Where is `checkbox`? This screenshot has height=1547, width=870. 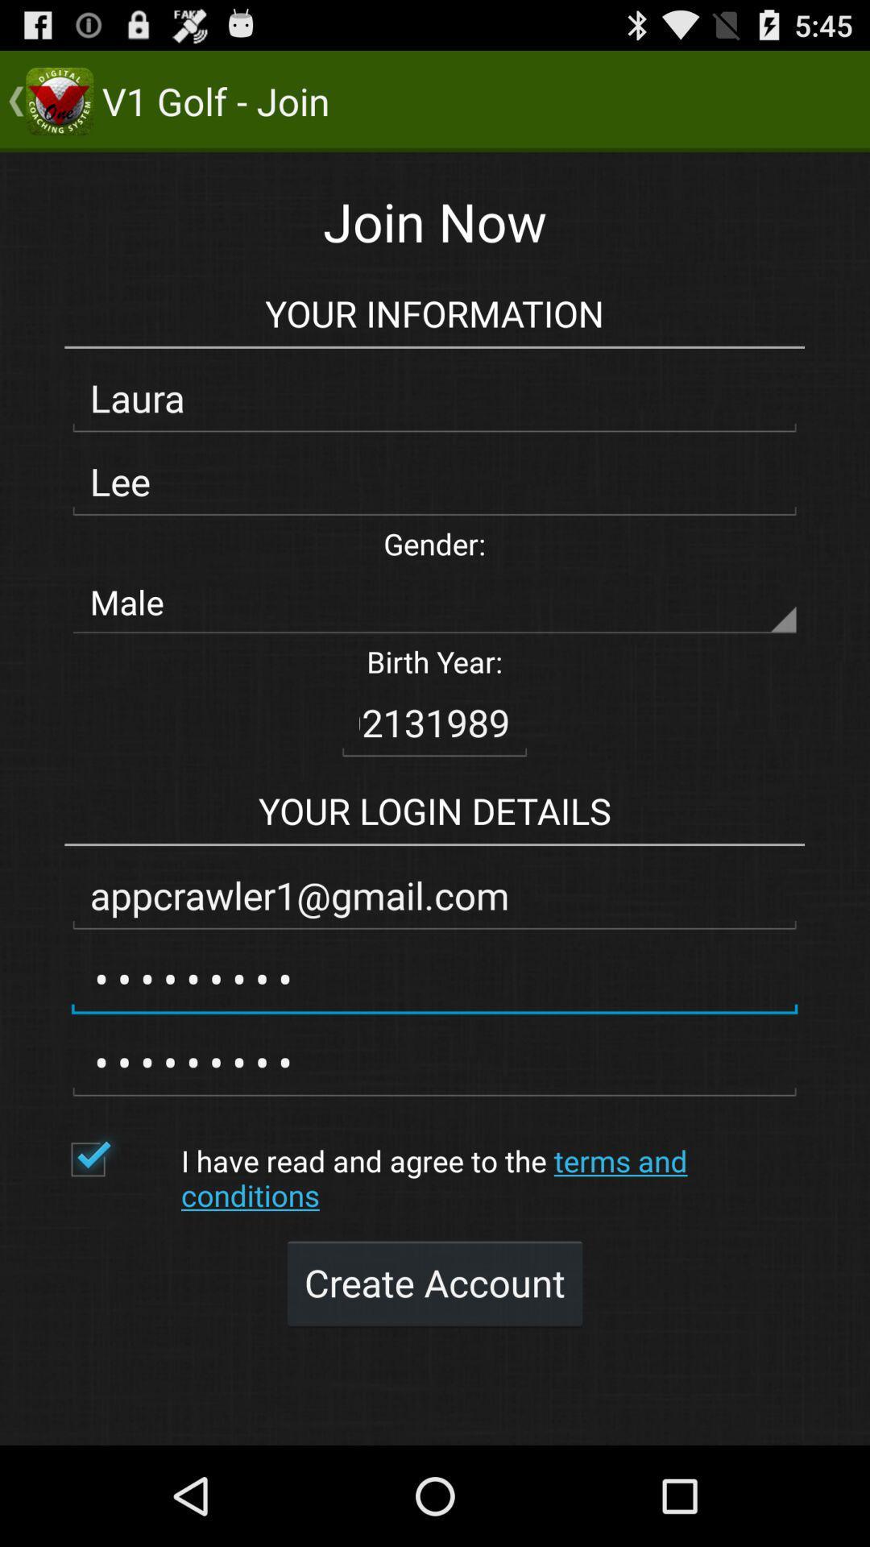 checkbox is located at coordinates (117, 1159).